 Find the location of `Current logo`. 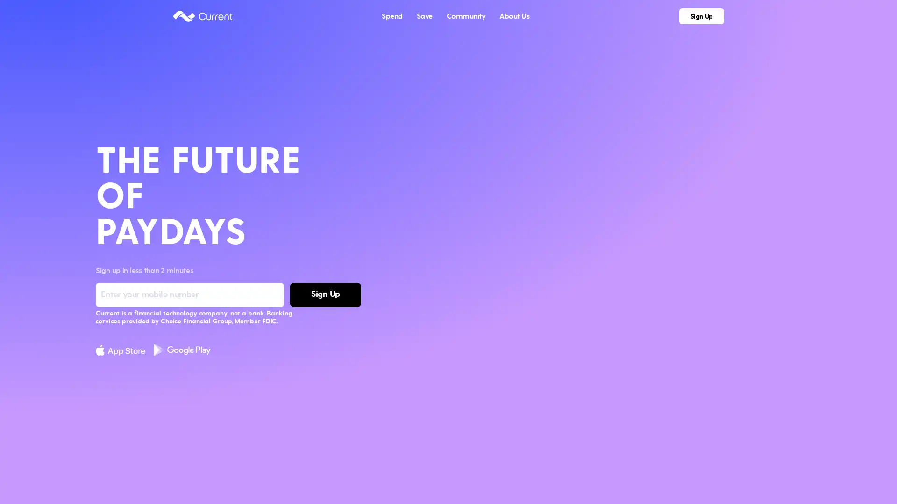

Current logo is located at coordinates (202, 15).